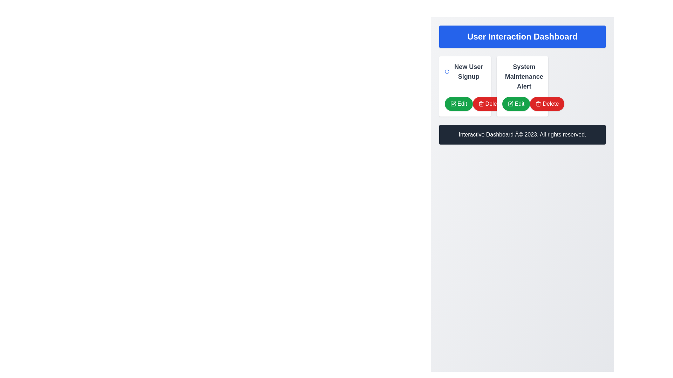  I want to click on the edit icon located on the leftmost part of the green 'Edit' button associated with the 'New User Signup' action item, so click(453, 104).